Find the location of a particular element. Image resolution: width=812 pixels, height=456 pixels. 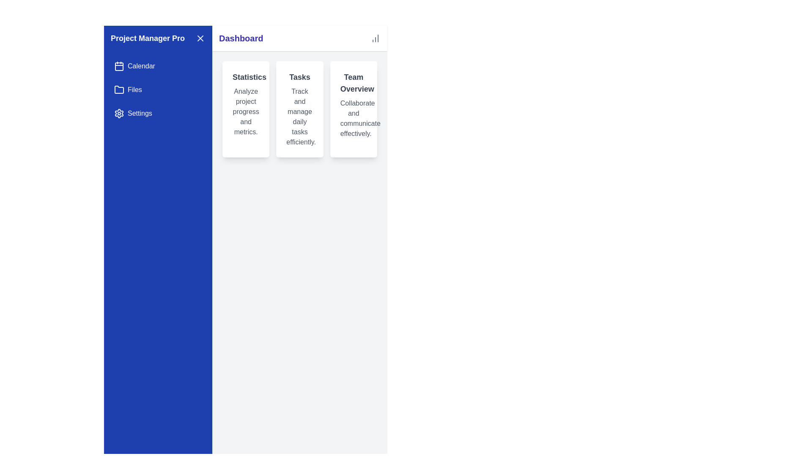

the folder icon in the vertical navigation menu is located at coordinates (119, 90).